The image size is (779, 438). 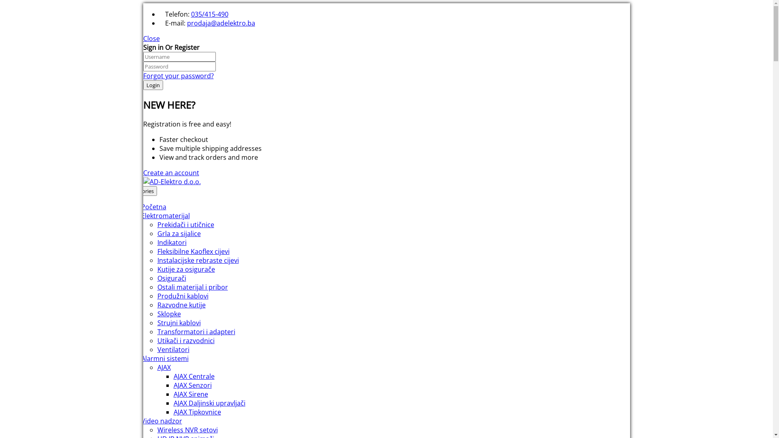 What do you see at coordinates (186, 23) in the screenshot?
I see `'prodaja@adelektro.ba'` at bounding box center [186, 23].